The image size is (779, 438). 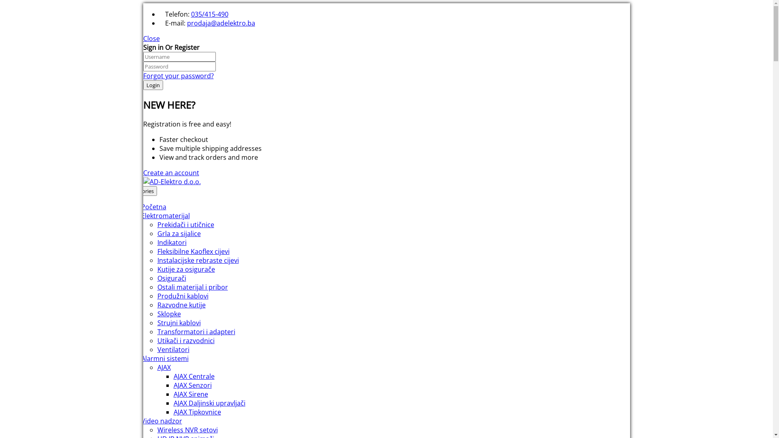 What do you see at coordinates (186, 23) in the screenshot?
I see `'prodaja@adelektro.ba'` at bounding box center [186, 23].